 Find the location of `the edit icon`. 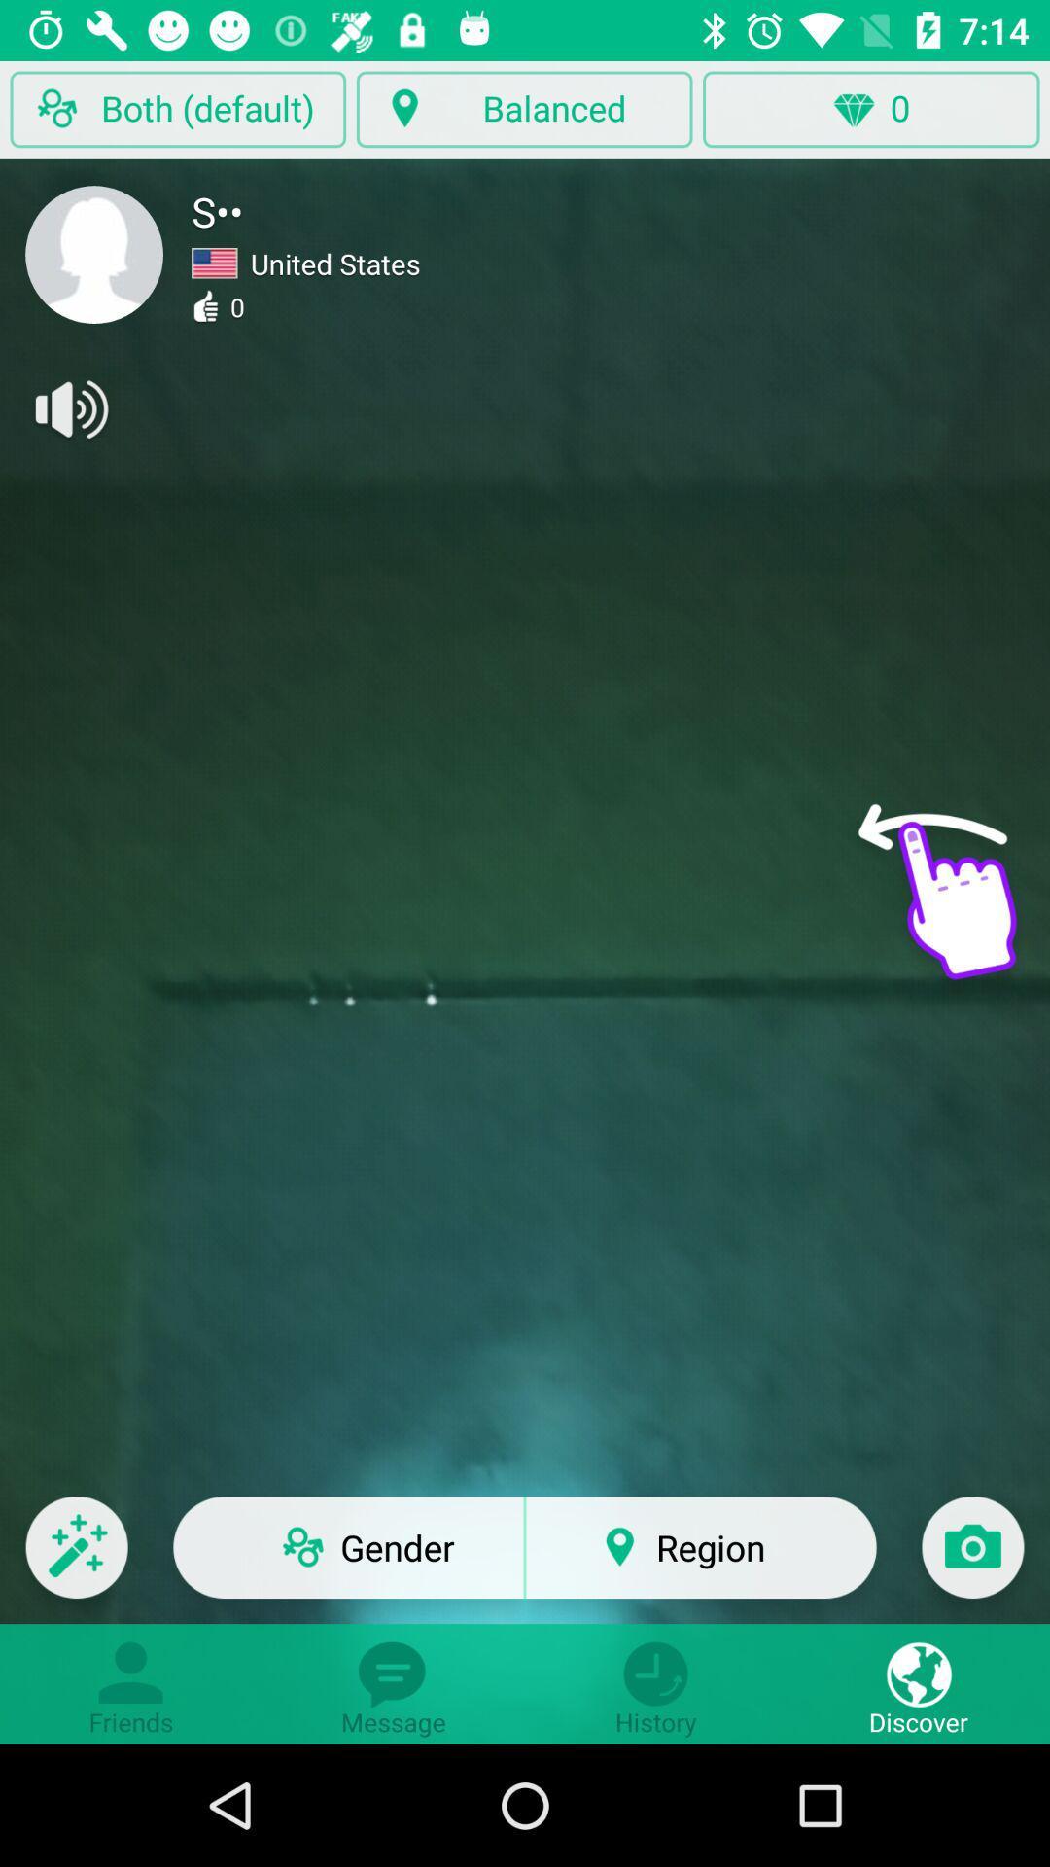

the edit icon is located at coordinates (76, 1560).